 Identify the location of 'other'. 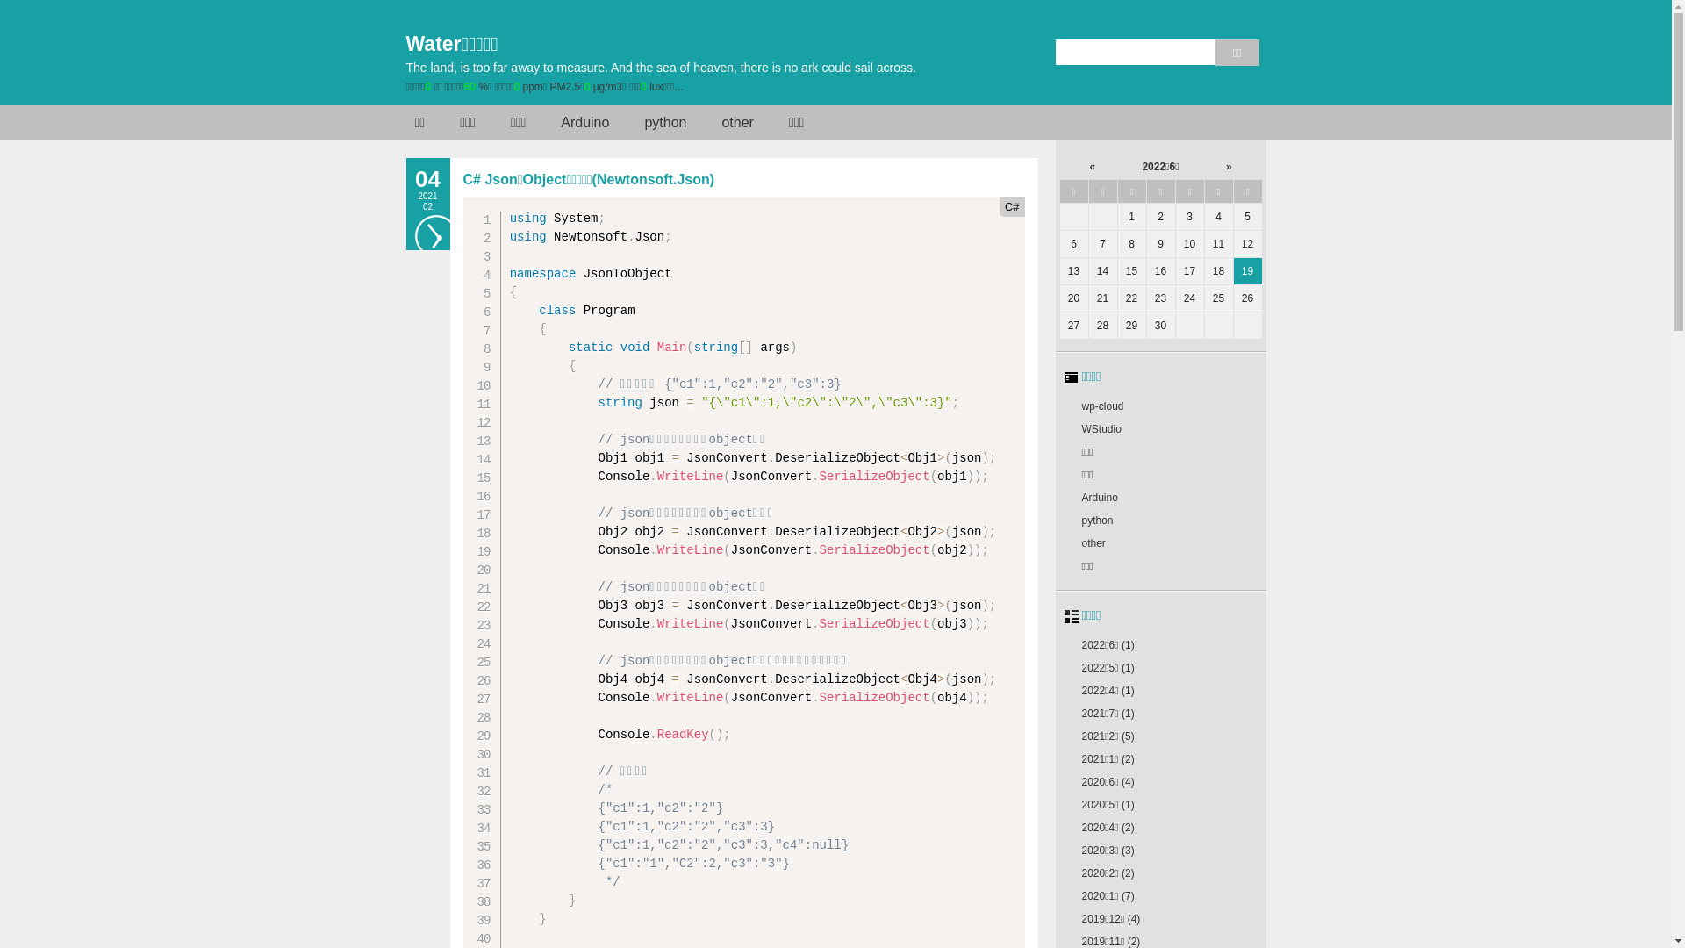
(1080, 542).